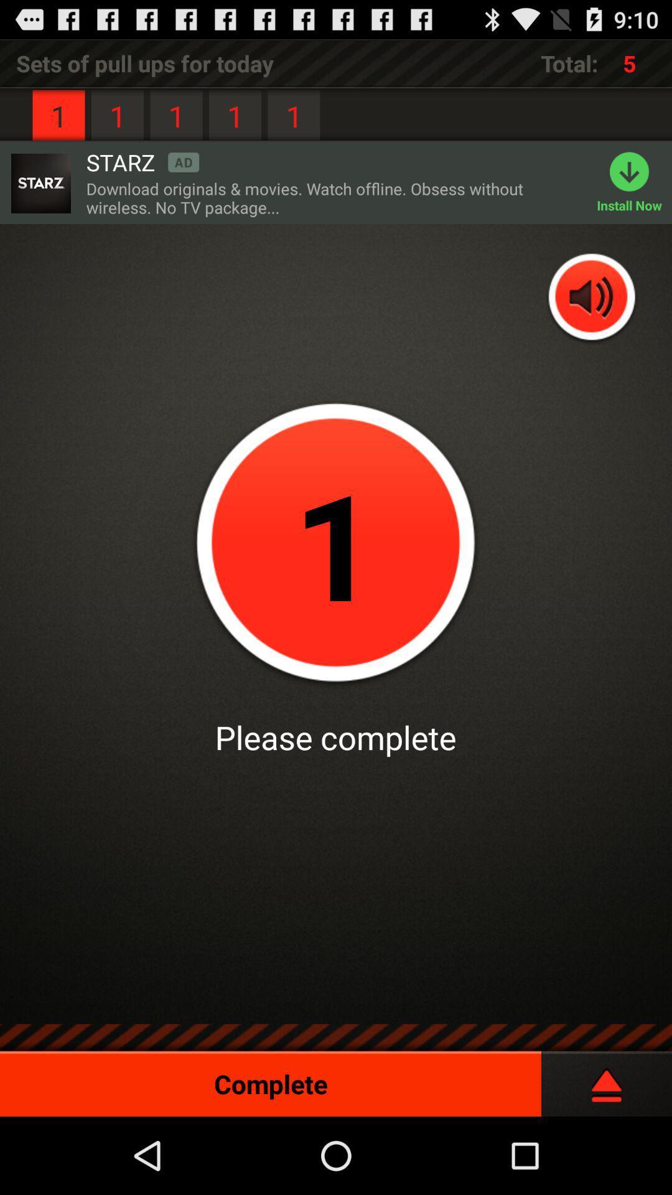 The width and height of the screenshot is (672, 1195). I want to click on item to the left of the 1, so click(142, 161).